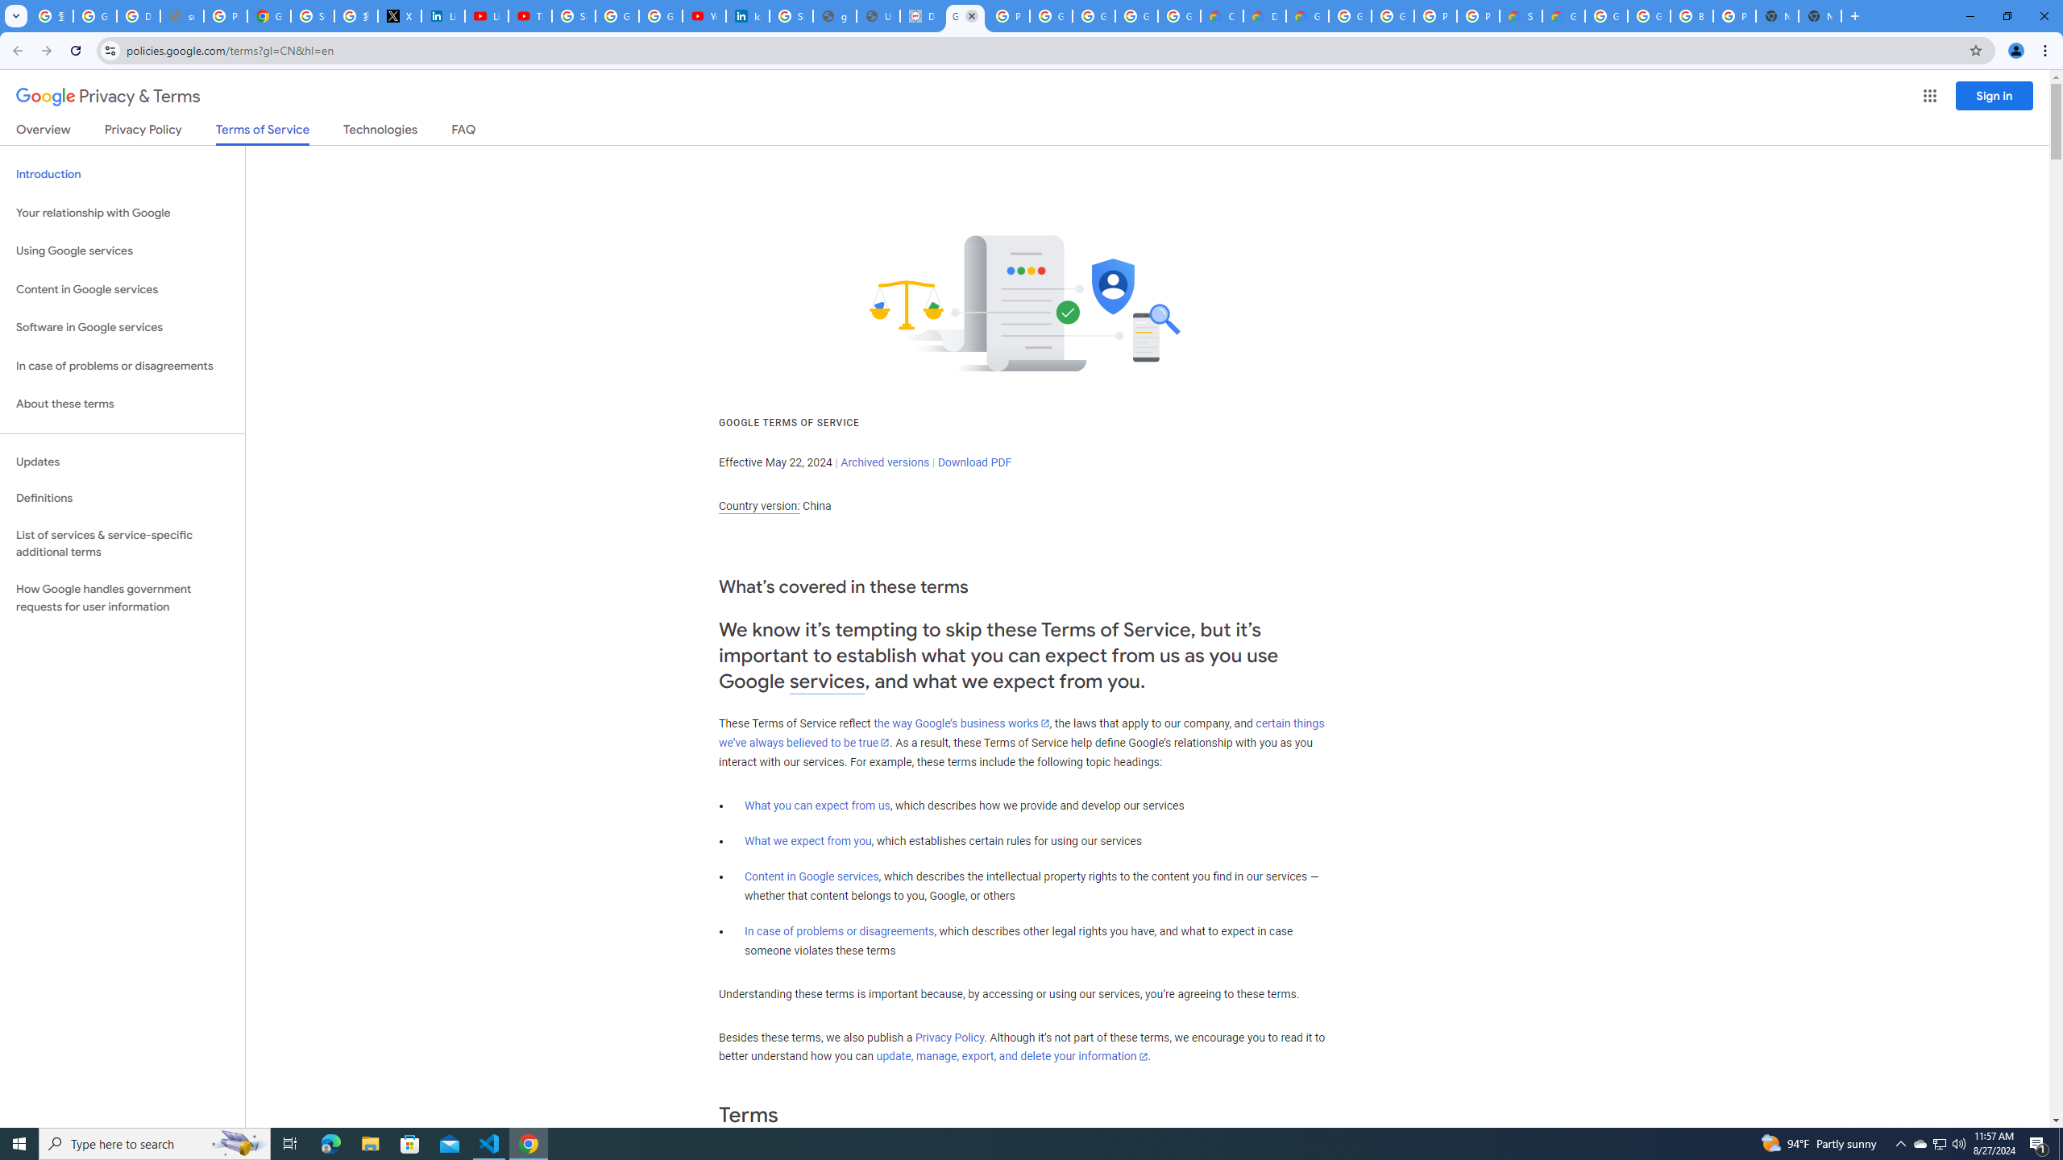 This screenshot has height=1160, width=2063. I want to click on 'Content in Google services', so click(811, 876).